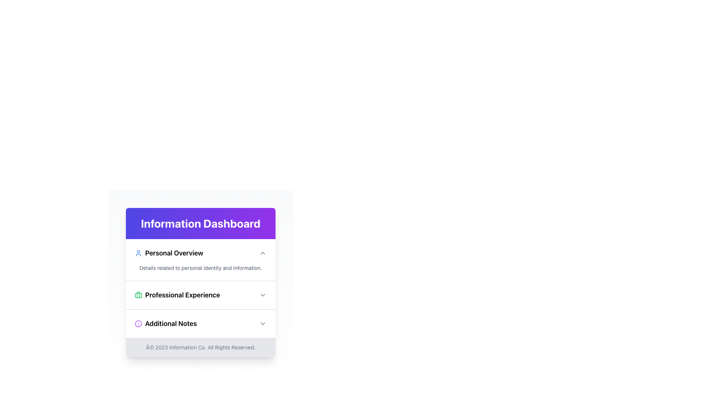 The image size is (713, 401). Describe the element at coordinates (165, 323) in the screenshot. I see `the 'Additional Notes' text label in the information dashboard, which is the last item in the vertical list of collapsible sections` at that location.